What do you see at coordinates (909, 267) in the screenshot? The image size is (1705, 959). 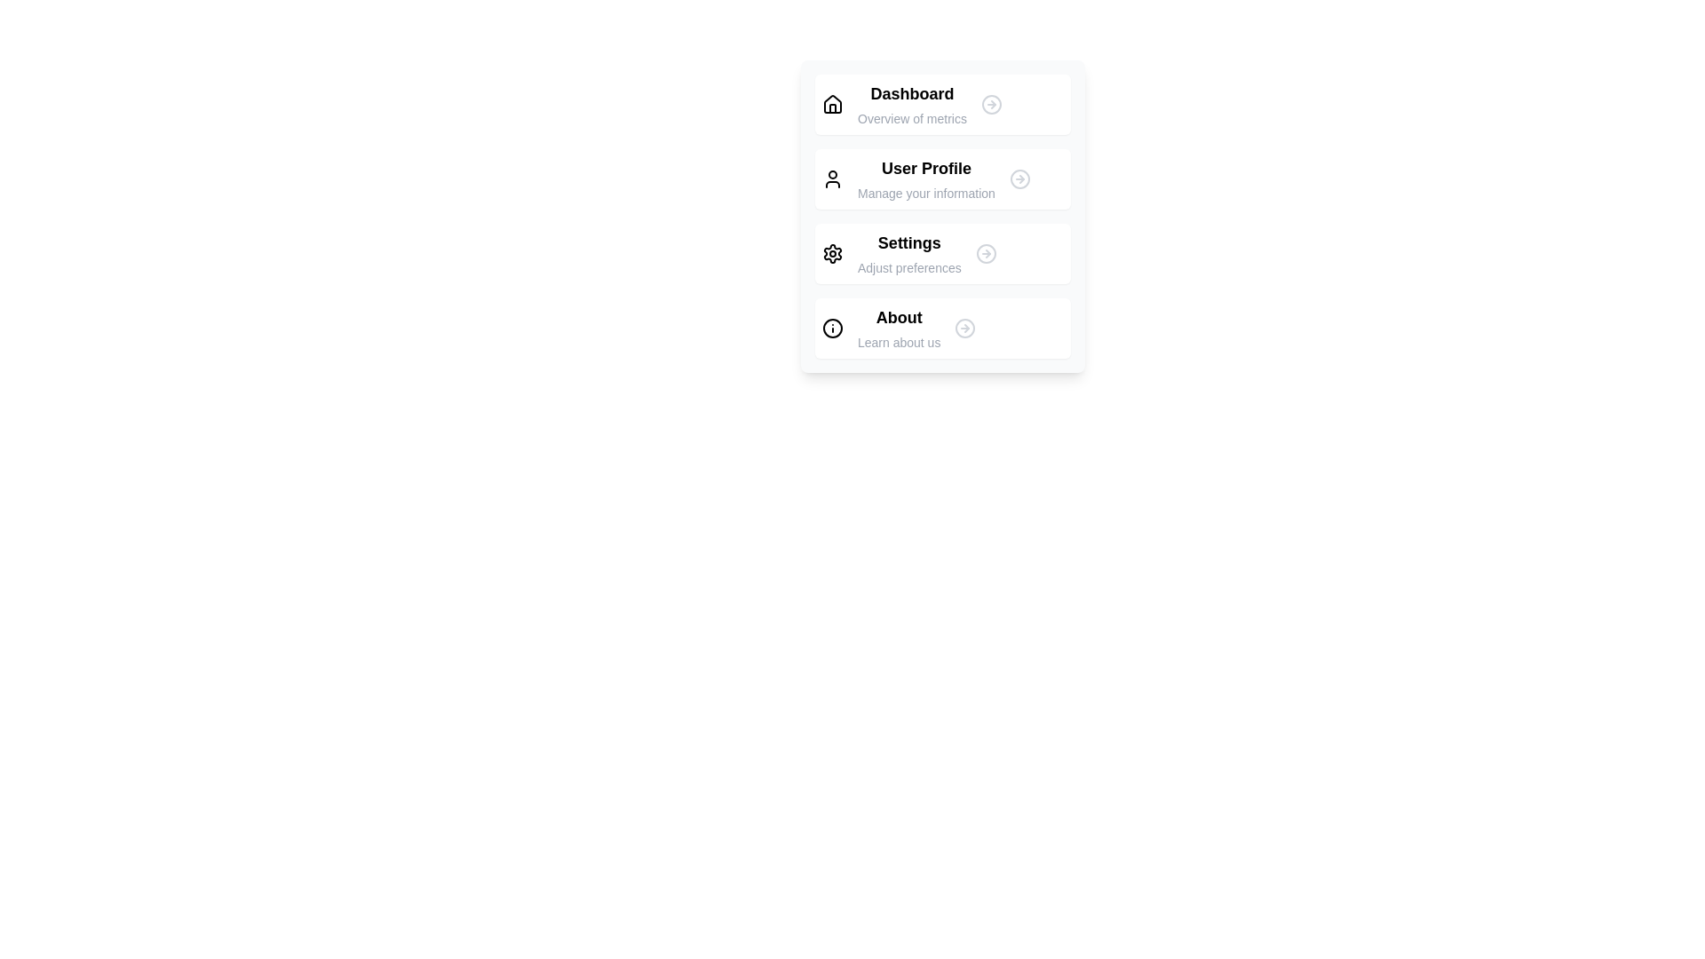 I see `the non-interactive Text Label that provides supplementary information about the 'Settings' section, located beneath the 'Settings' title` at bounding box center [909, 267].